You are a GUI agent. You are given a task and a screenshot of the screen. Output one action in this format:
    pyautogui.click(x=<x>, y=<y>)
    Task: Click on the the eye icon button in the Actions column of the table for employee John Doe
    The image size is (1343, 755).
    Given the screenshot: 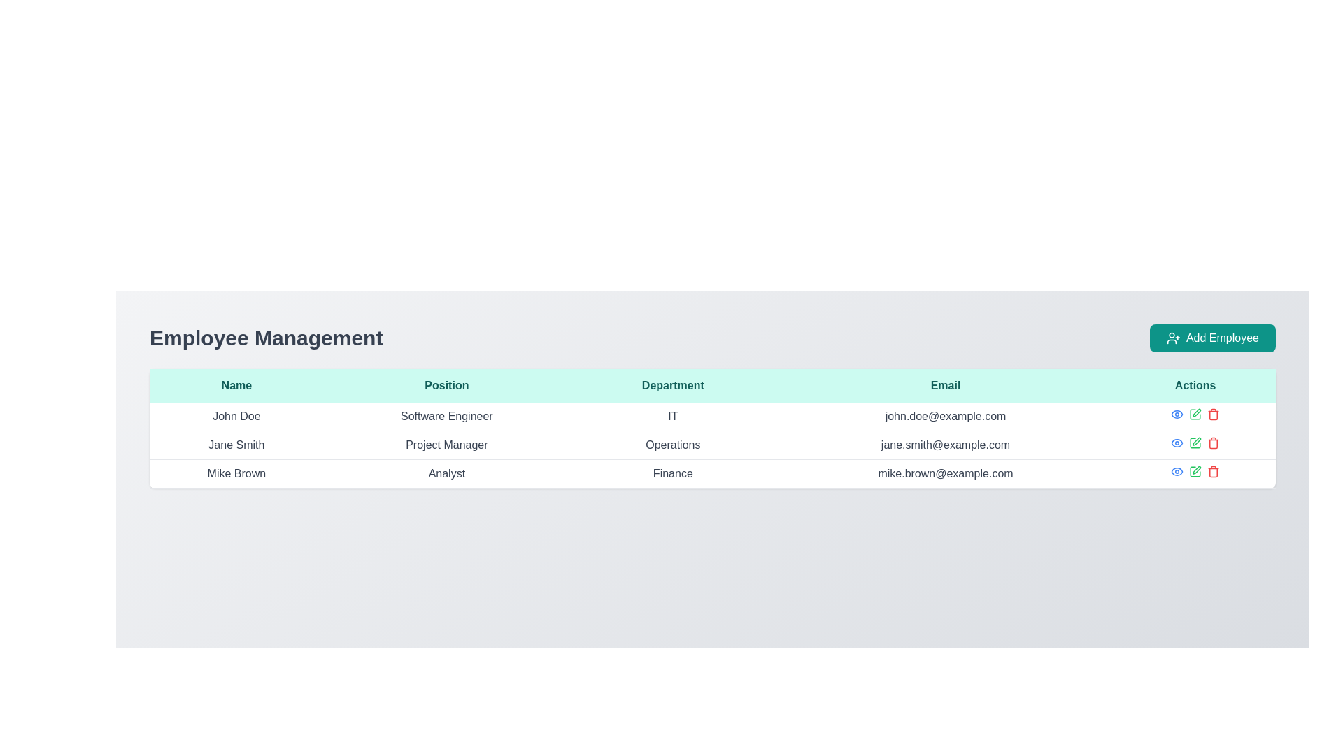 What is the action you would take?
    pyautogui.click(x=1177, y=414)
    